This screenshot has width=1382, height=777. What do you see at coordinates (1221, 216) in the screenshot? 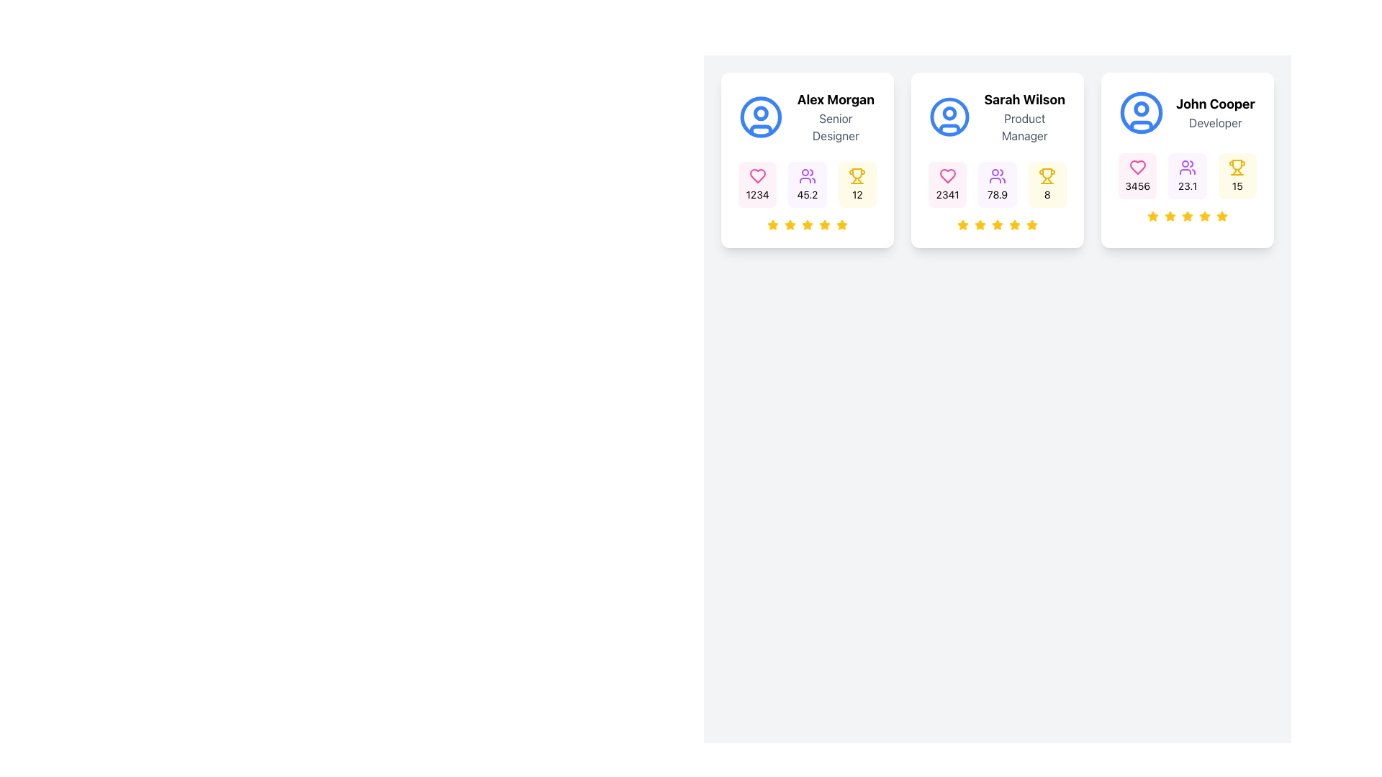
I see `the sixth star icon in the rating system of John Cooper's profile card` at bounding box center [1221, 216].